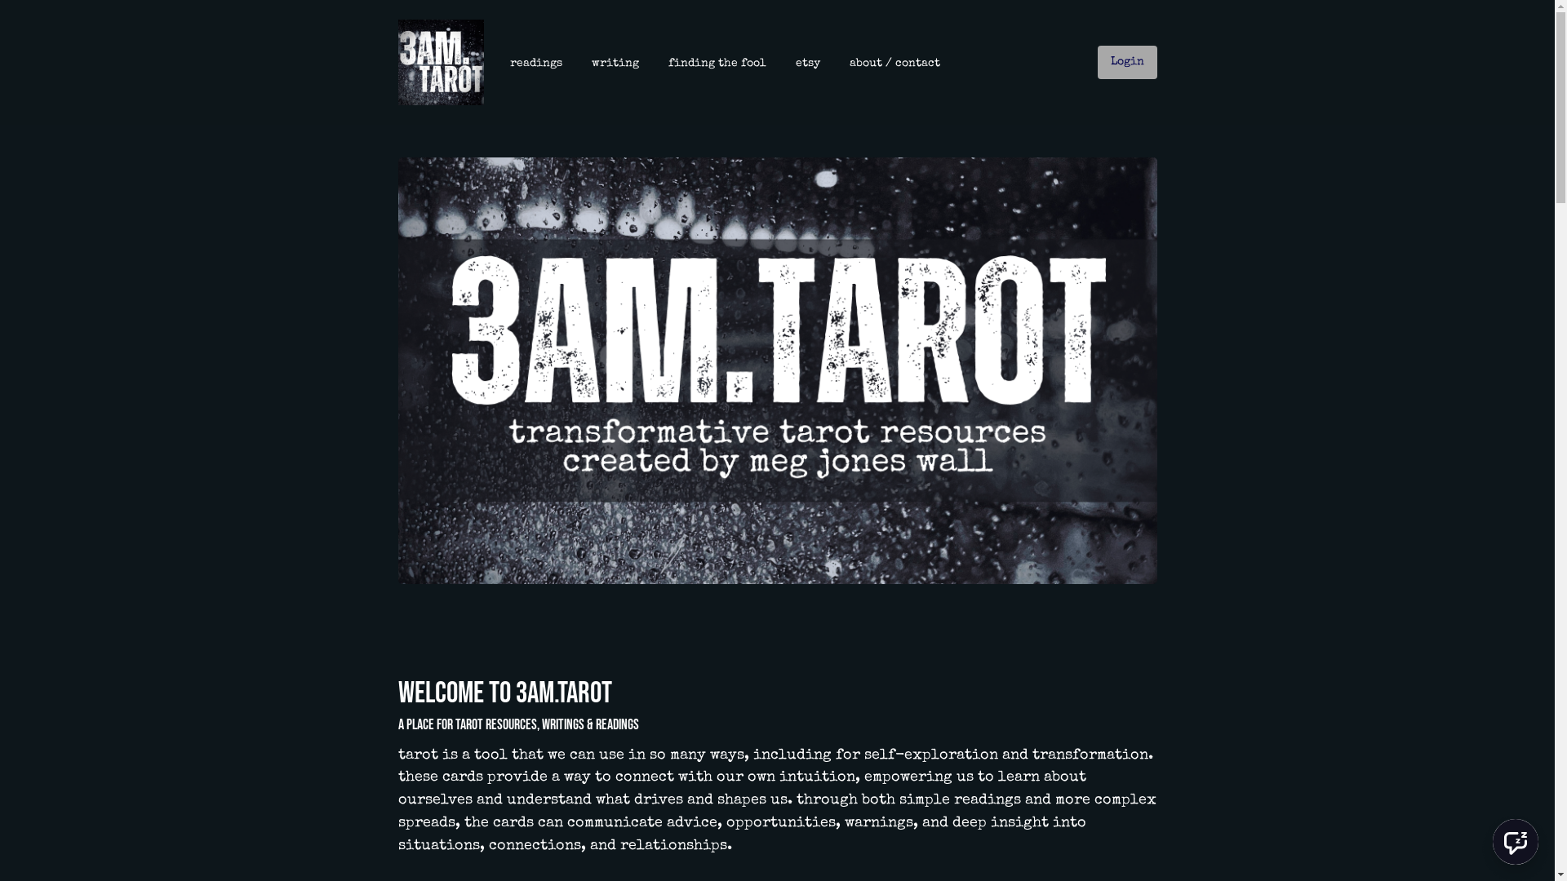 The image size is (1567, 881). Describe the element at coordinates (590, 62) in the screenshot. I see `'writing'` at that location.